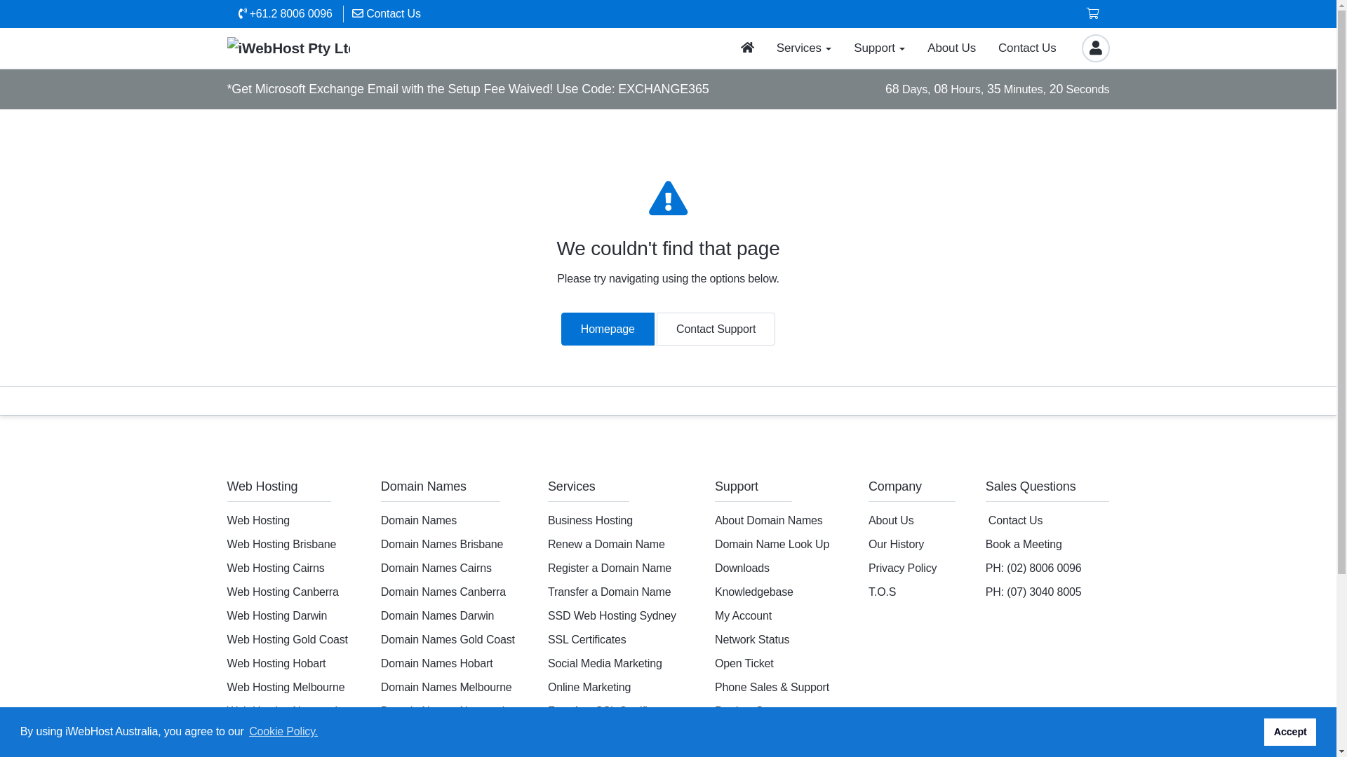 The width and height of the screenshot is (1347, 757). I want to click on 'Web Hosting Canberra', so click(282, 592).